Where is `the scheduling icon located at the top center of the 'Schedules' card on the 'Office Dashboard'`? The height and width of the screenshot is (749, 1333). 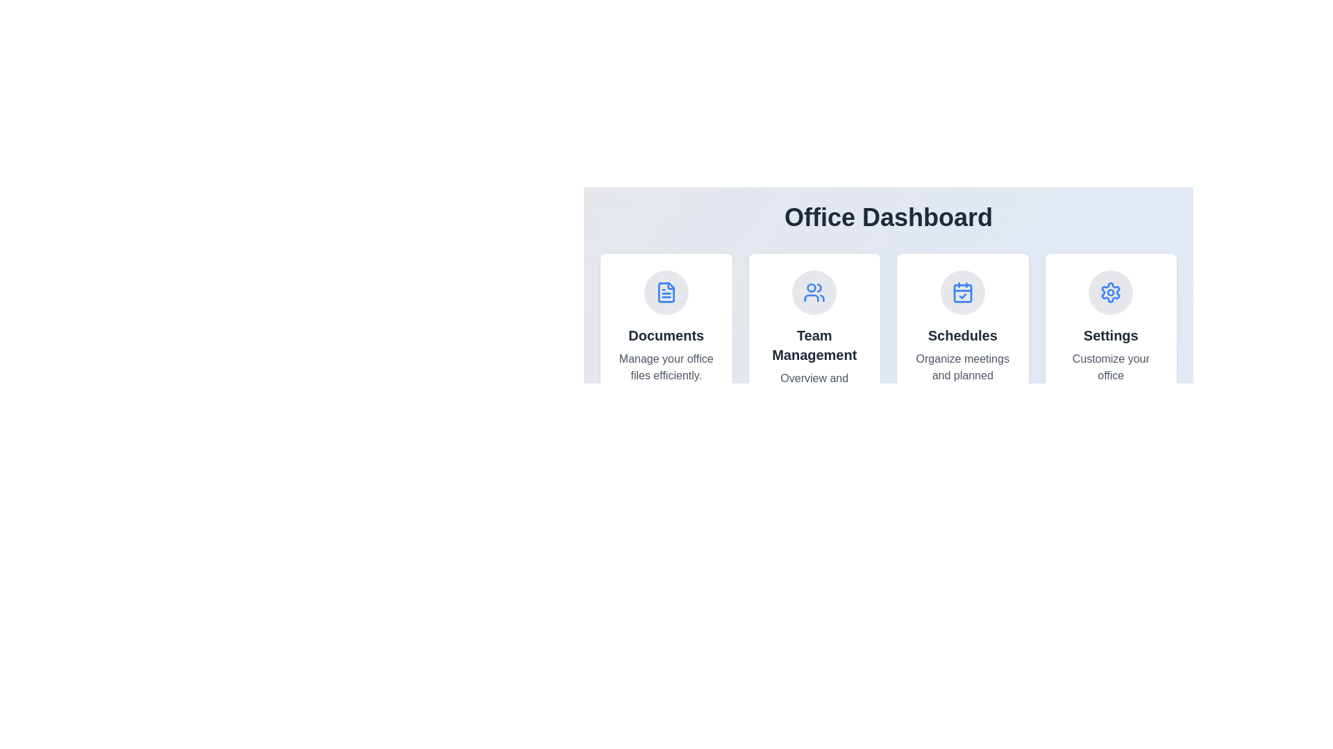
the scheduling icon located at the top center of the 'Schedules' card on the 'Office Dashboard' is located at coordinates (962, 291).